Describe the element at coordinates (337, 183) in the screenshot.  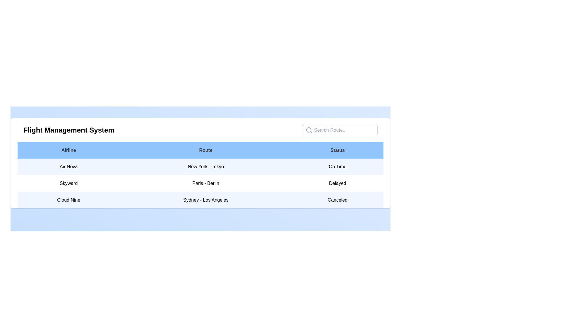
I see `the text element displaying 'Delayed' in the third column of the second row of the table, which is part of the 'Skyward' row and located to the right of 'Paris - Berlin'` at that location.